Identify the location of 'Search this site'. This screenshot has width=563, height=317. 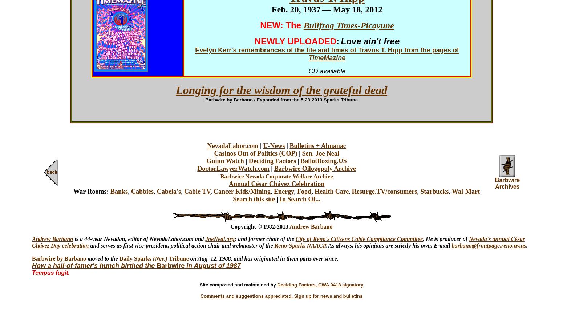
(254, 199).